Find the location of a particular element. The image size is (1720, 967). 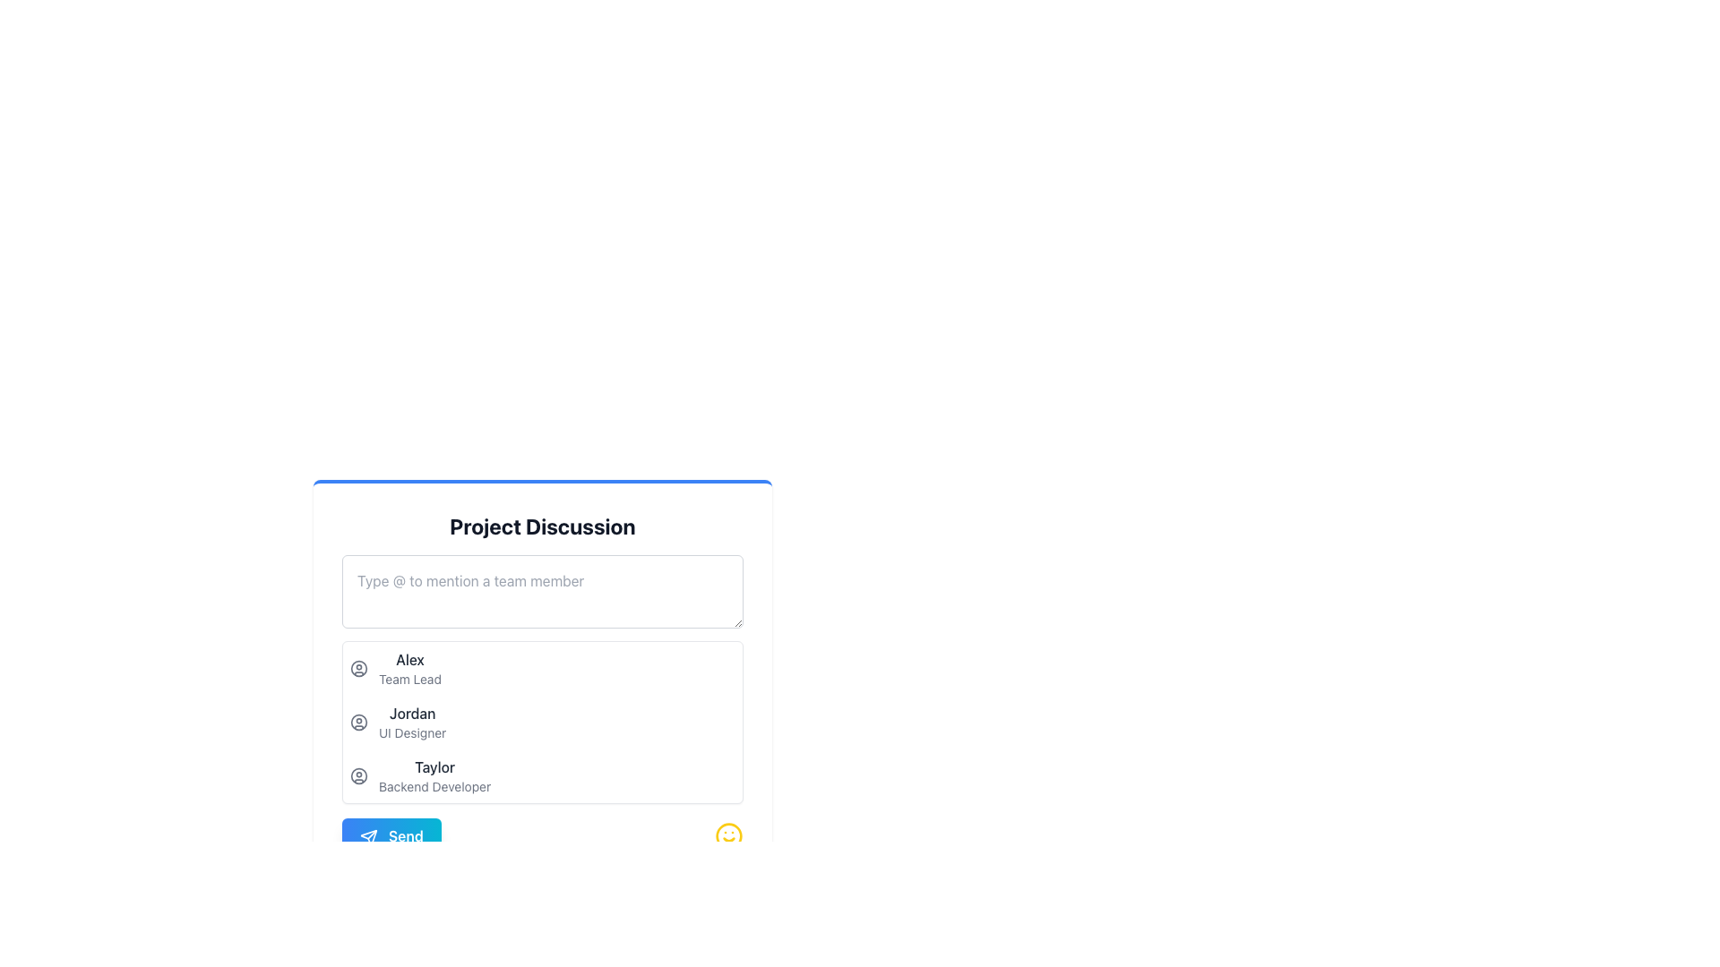

the text label indicating the name of a user, which is the third entry in the list under 'Project Discussion', positioned between 'Jordan' and 'Backend Developer' is located at coordinates (434, 766).